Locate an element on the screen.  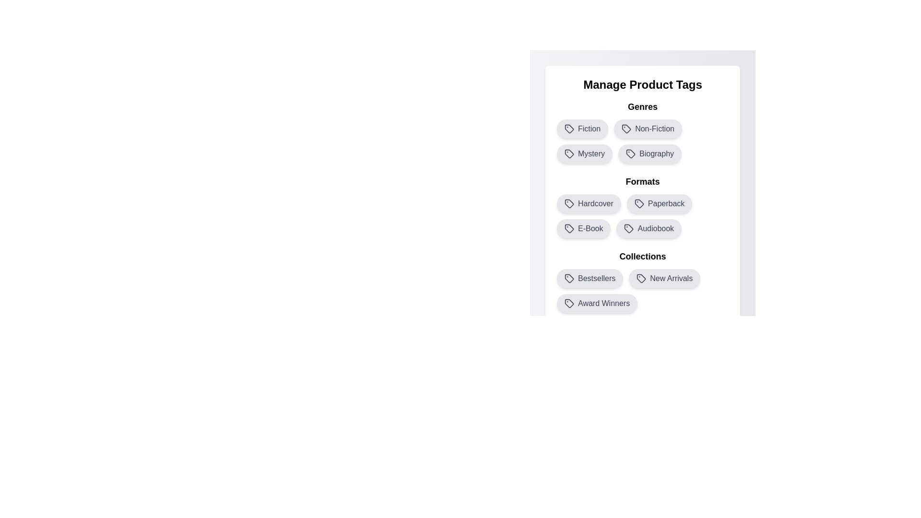
the 'Biography' tag filter button located in the 'Genres' section of the 'Manage Product Tags' interface is located at coordinates (649, 153).